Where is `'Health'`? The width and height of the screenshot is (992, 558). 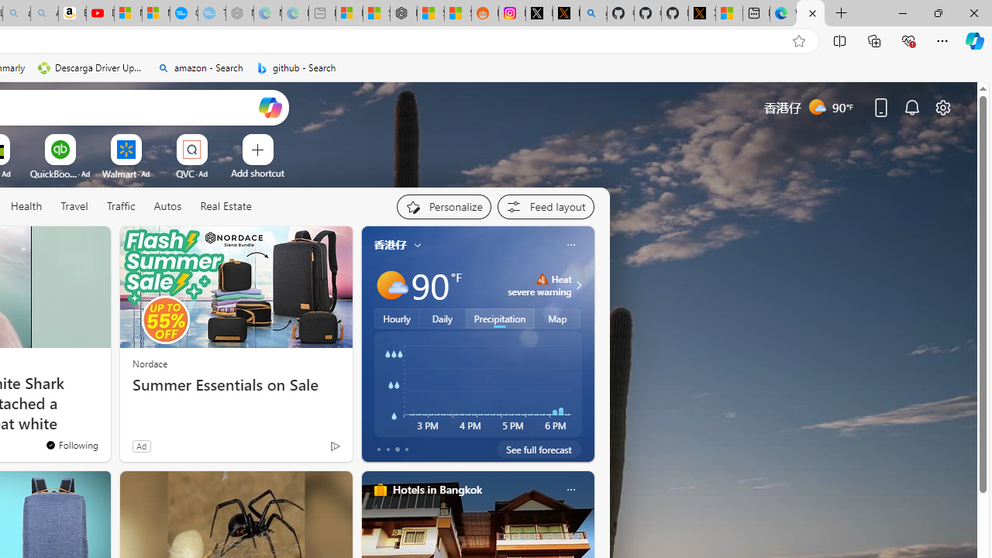
'Health' is located at coordinates (26, 206).